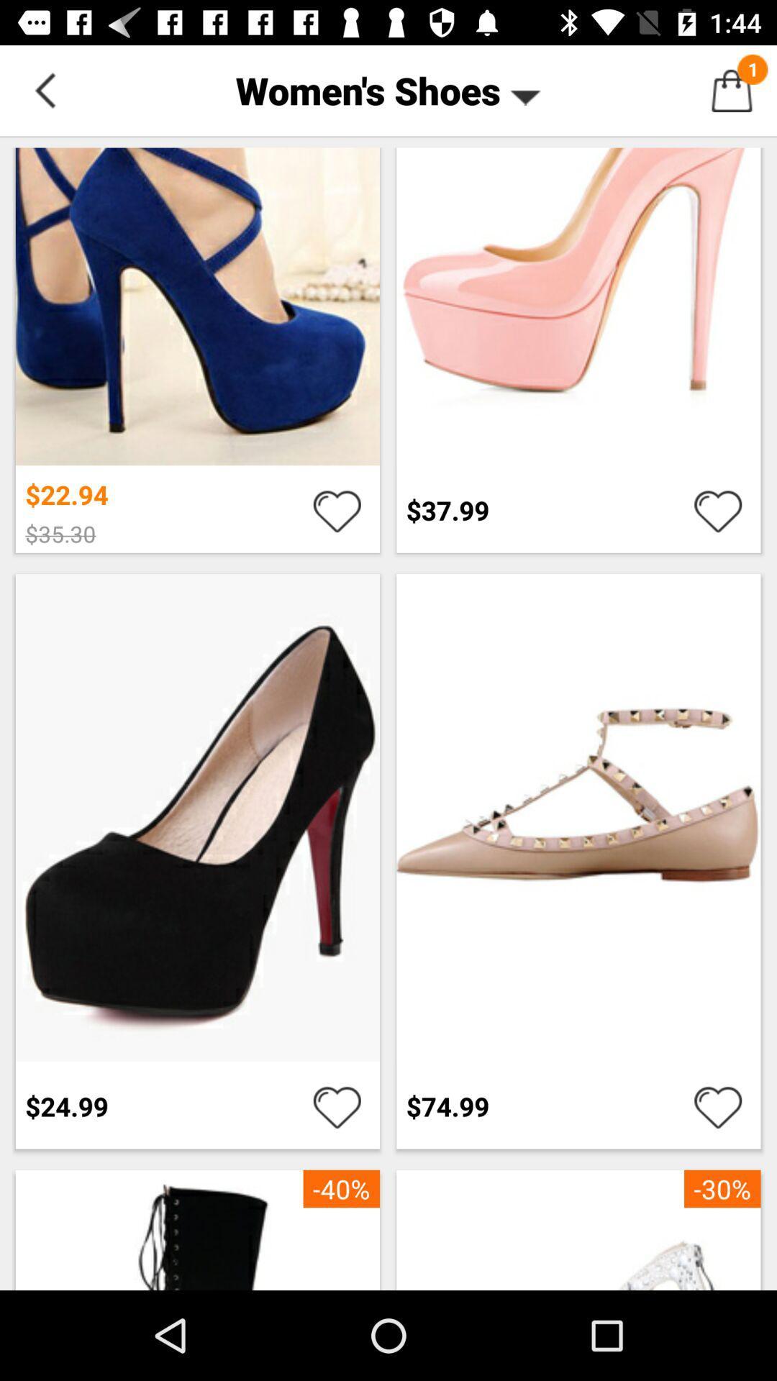 This screenshot has height=1381, width=777. What do you see at coordinates (44, 89) in the screenshot?
I see `back` at bounding box center [44, 89].